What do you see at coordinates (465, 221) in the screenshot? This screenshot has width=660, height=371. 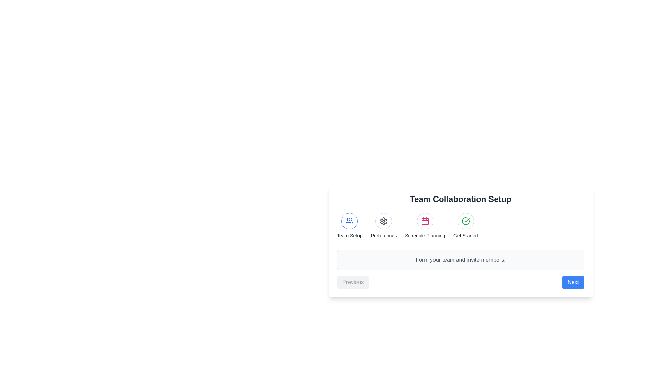 I see `the checkmark icon enclosed within a green circular outline, which is the fourth icon from the left in the 'Get Started' group of icons` at bounding box center [465, 221].